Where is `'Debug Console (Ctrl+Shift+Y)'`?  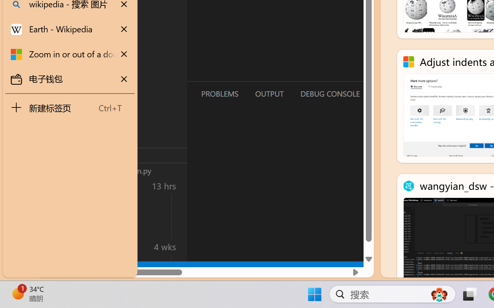
'Debug Console (Ctrl+Shift+Y)' is located at coordinates (330, 93).